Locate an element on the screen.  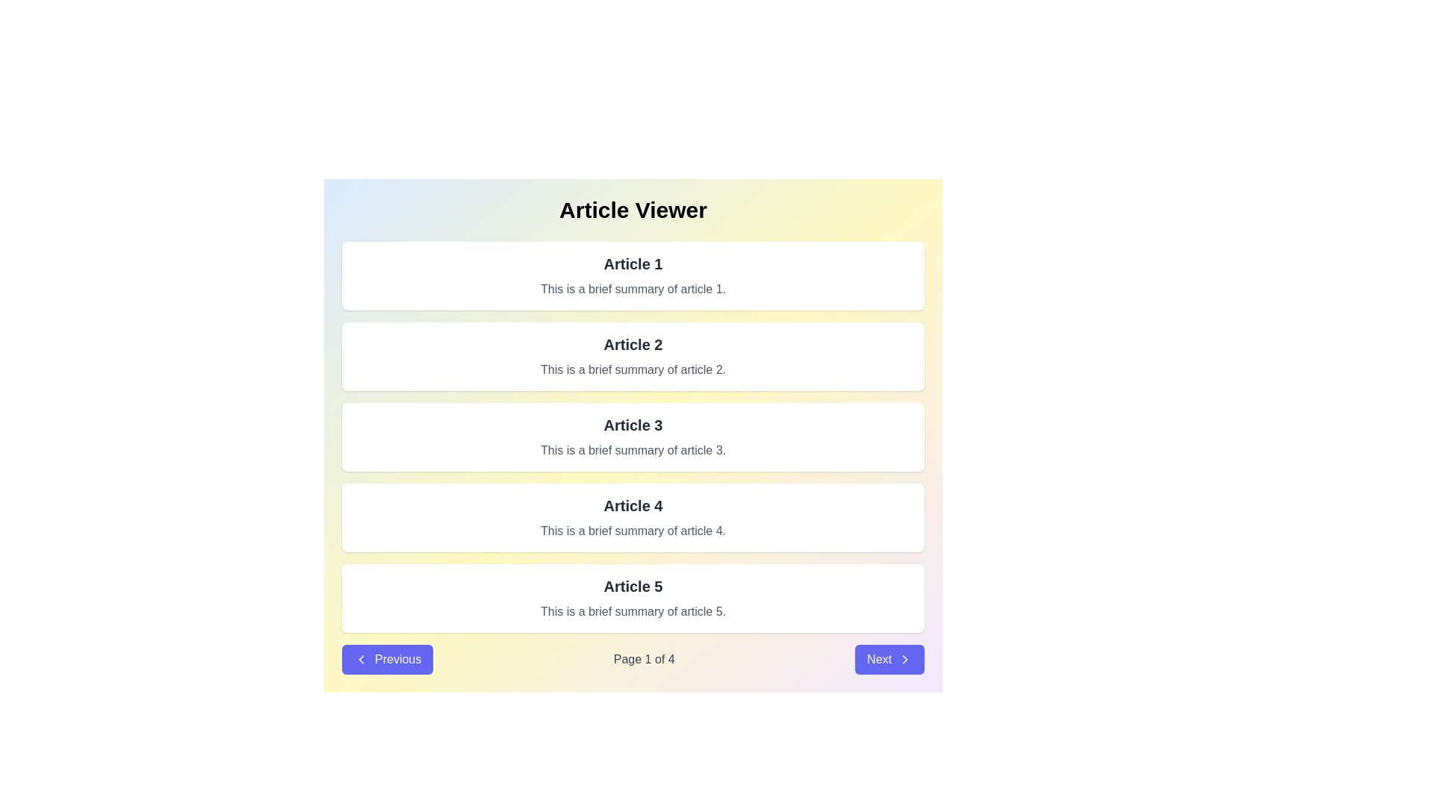
the text label reading 'This is a brief summary of article 2.', which is styled in gray and located beneath the headline 'Article 2' is located at coordinates (633, 369).